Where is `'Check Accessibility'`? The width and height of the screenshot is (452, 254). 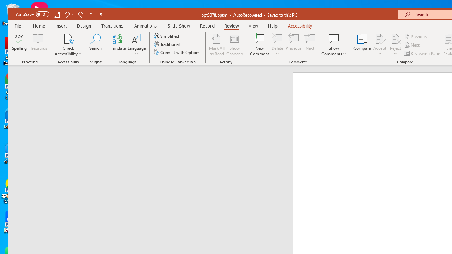
'Check Accessibility' is located at coordinates (68, 45).